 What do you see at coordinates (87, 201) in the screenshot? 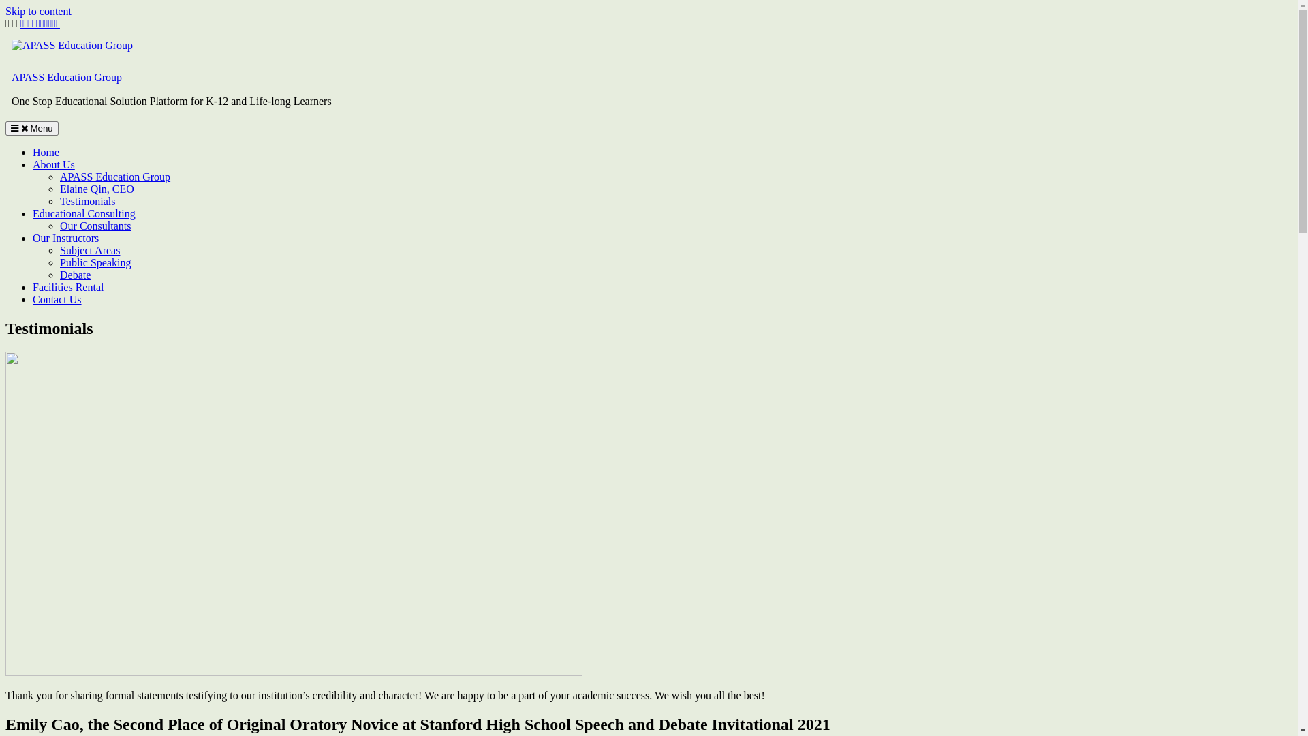
I see `'Testimonials'` at bounding box center [87, 201].